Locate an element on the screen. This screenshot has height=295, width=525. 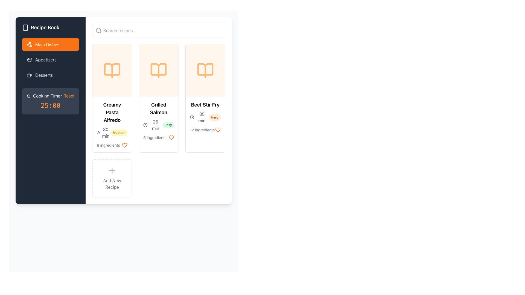
the title text label of the recipe card located at the top of the card, which is centered horizontally in the third column of the recipes section is located at coordinates (205, 105).